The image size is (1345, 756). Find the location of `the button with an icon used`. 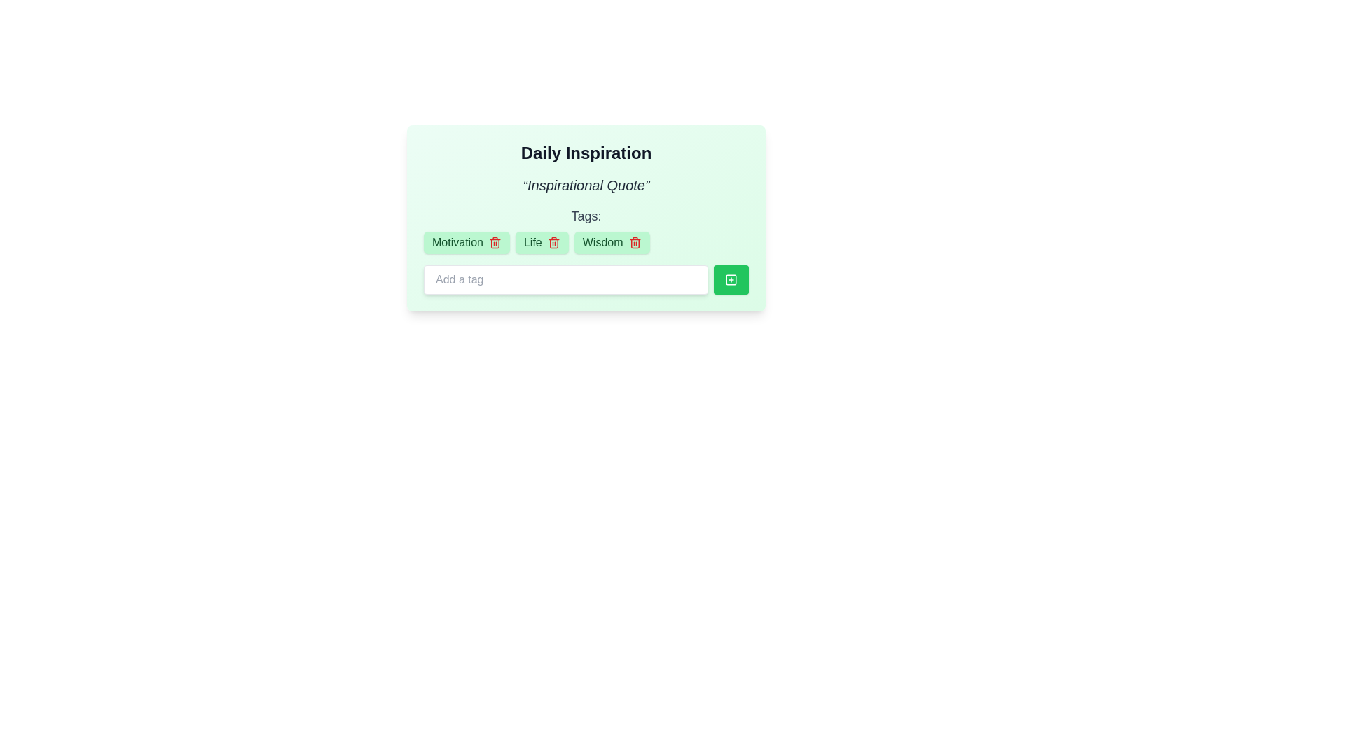

the button with an icon used is located at coordinates (730, 280).